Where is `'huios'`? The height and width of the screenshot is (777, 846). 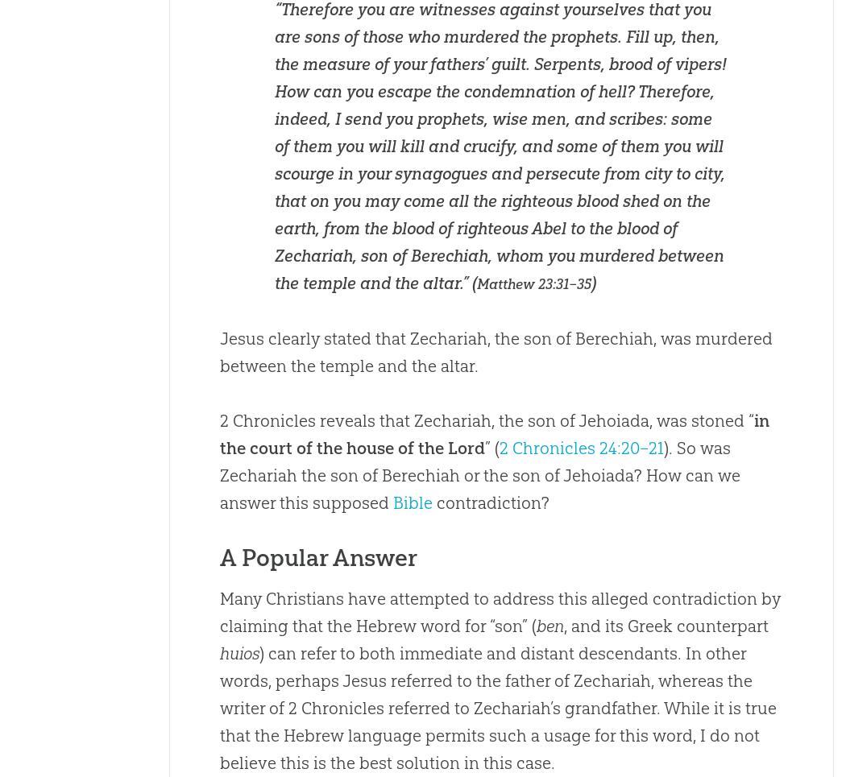 'huios' is located at coordinates (238, 653).